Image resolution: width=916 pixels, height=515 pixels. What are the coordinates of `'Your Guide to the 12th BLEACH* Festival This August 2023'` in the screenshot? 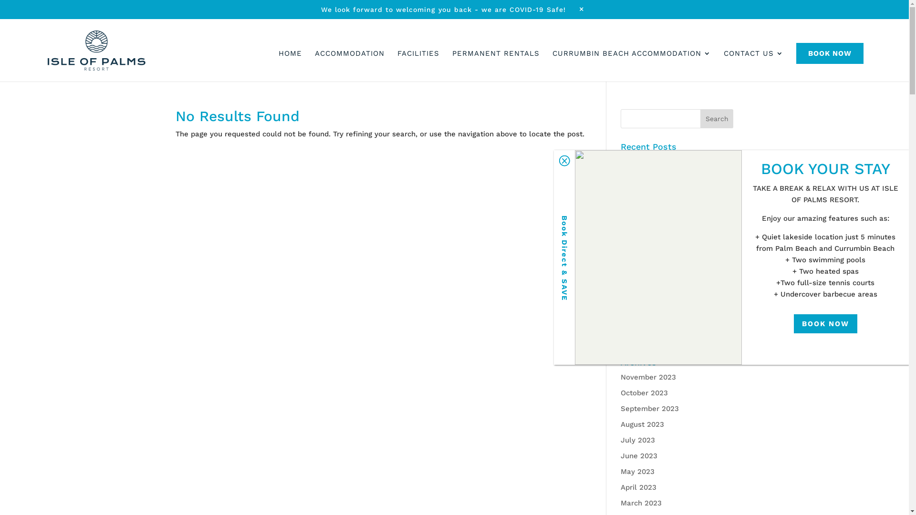 It's located at (673, 297).